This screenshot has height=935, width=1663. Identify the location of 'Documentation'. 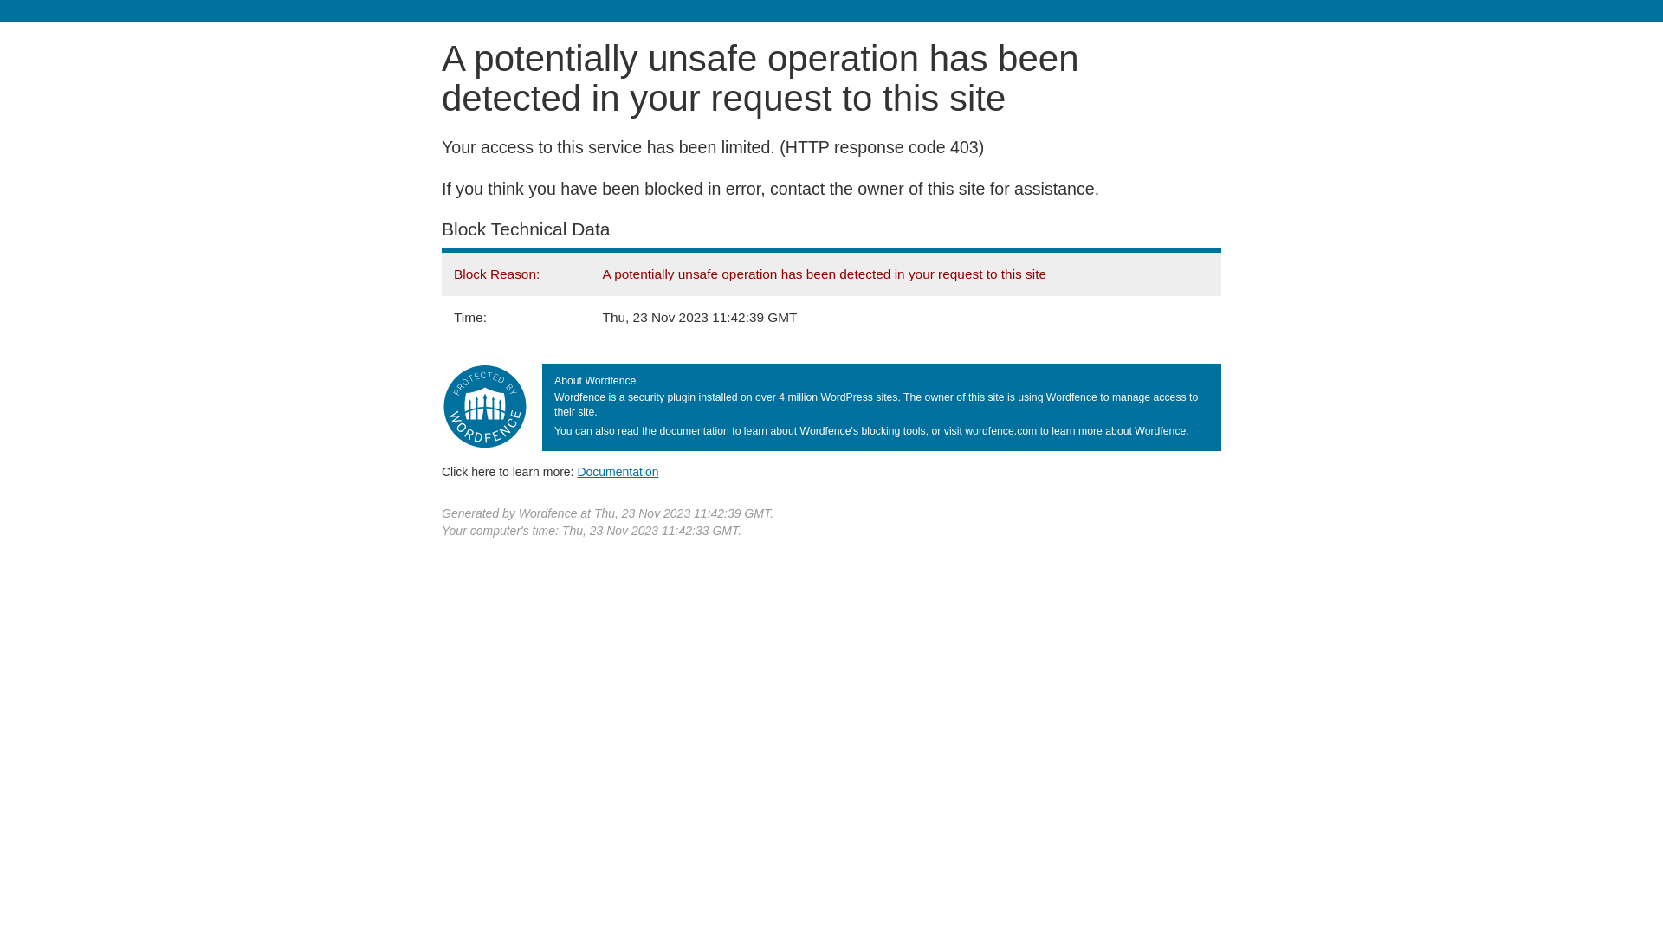
(618, 471).